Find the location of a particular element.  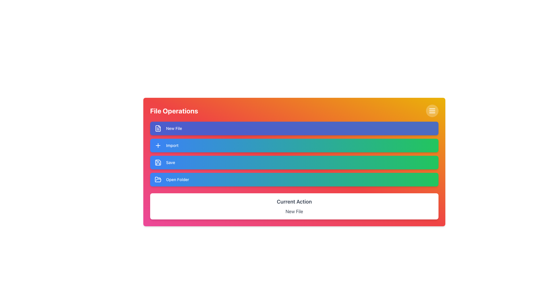

the save button is located at coordinates (294, 162).